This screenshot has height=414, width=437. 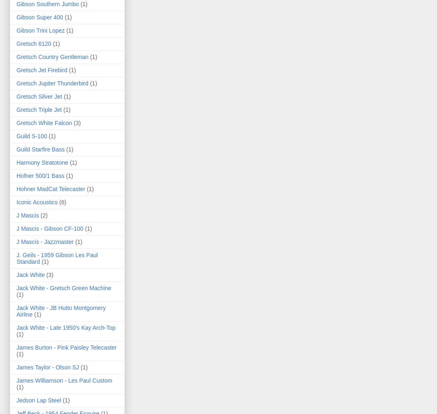 I want to click on '(2)', so click(x=43, y=214).